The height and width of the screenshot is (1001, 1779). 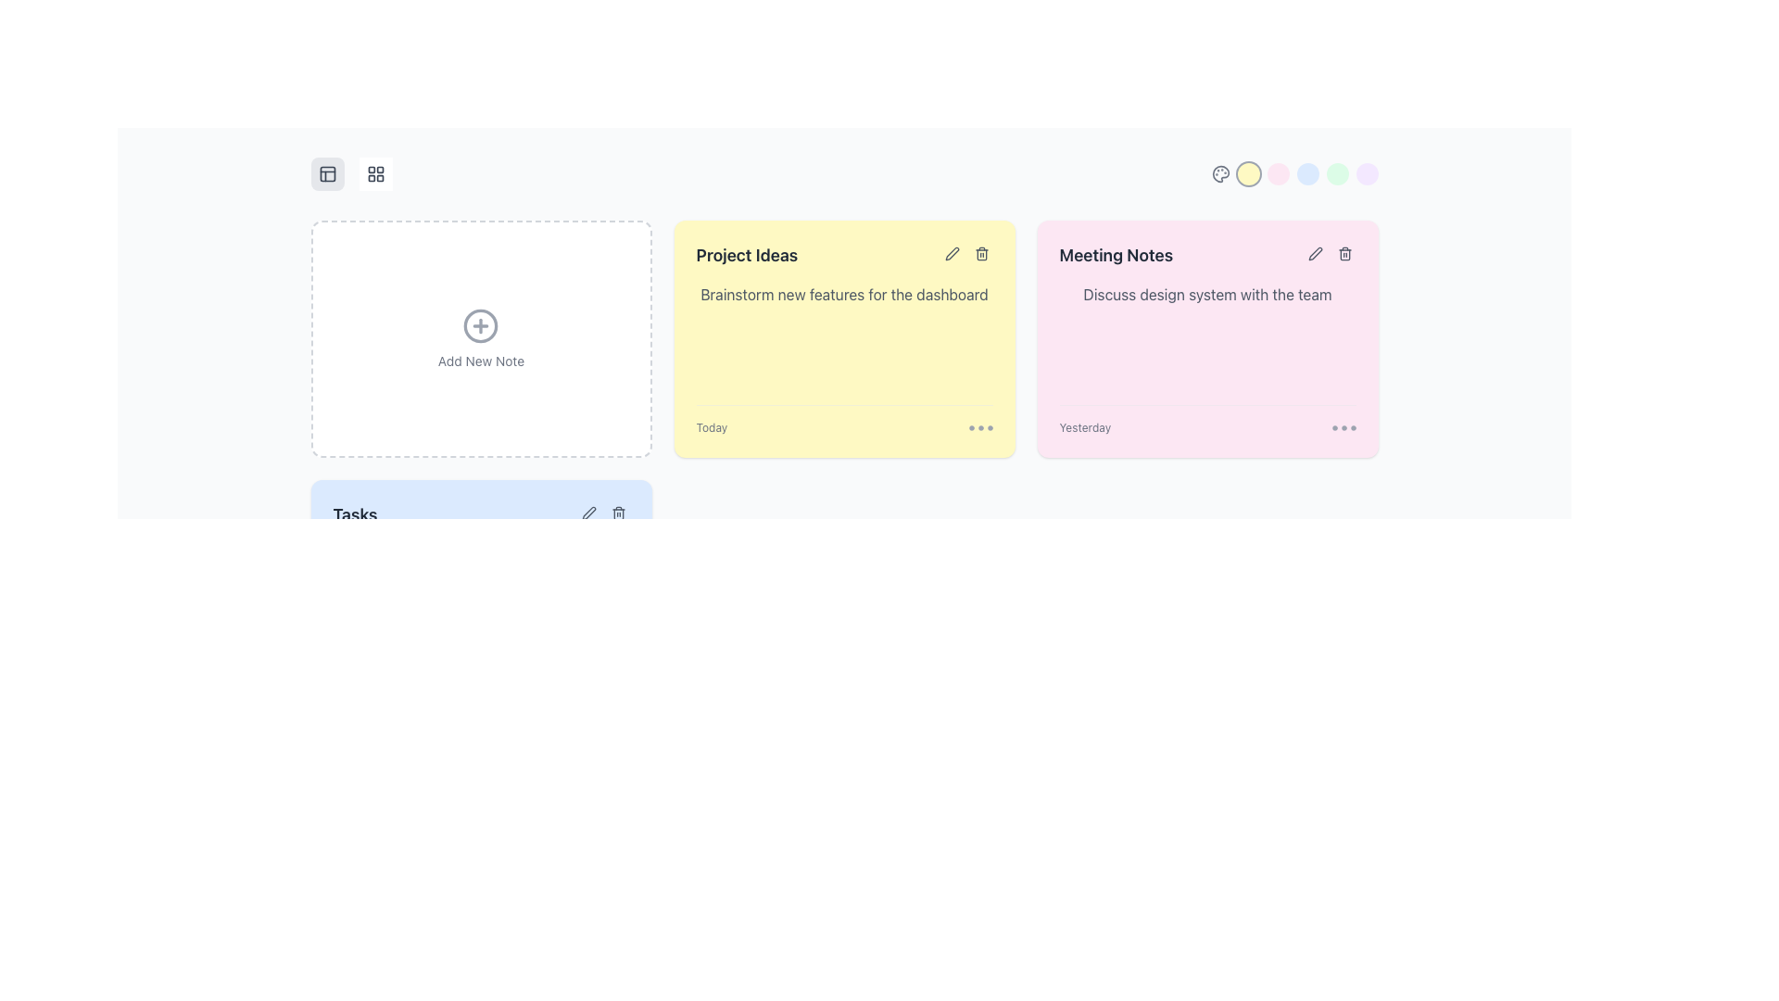 I want to click on the Icon button in the top-right corner of the 'Meeting Notes' card to initiate editing of the card content, so click(x=1314, y=253).